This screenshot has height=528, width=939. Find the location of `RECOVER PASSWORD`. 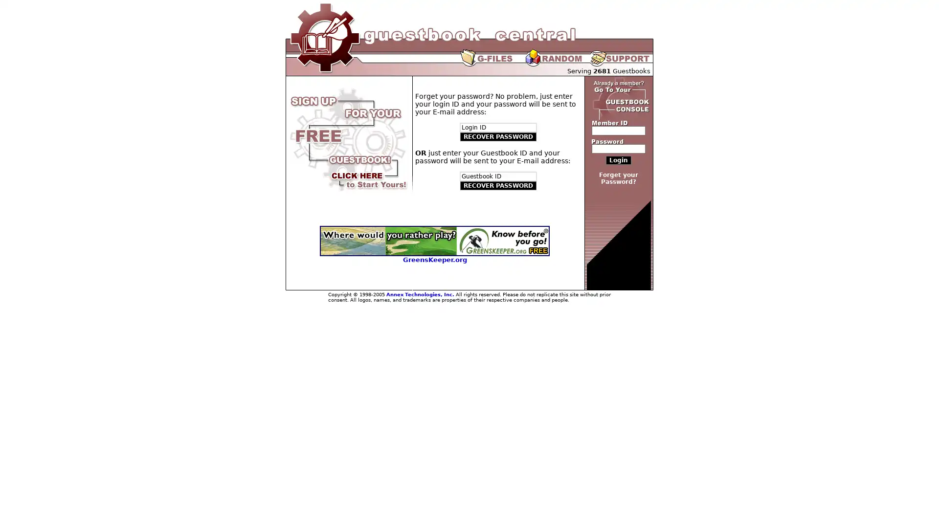

RECOVER PASSWORD is located at coordinates (498, 186).